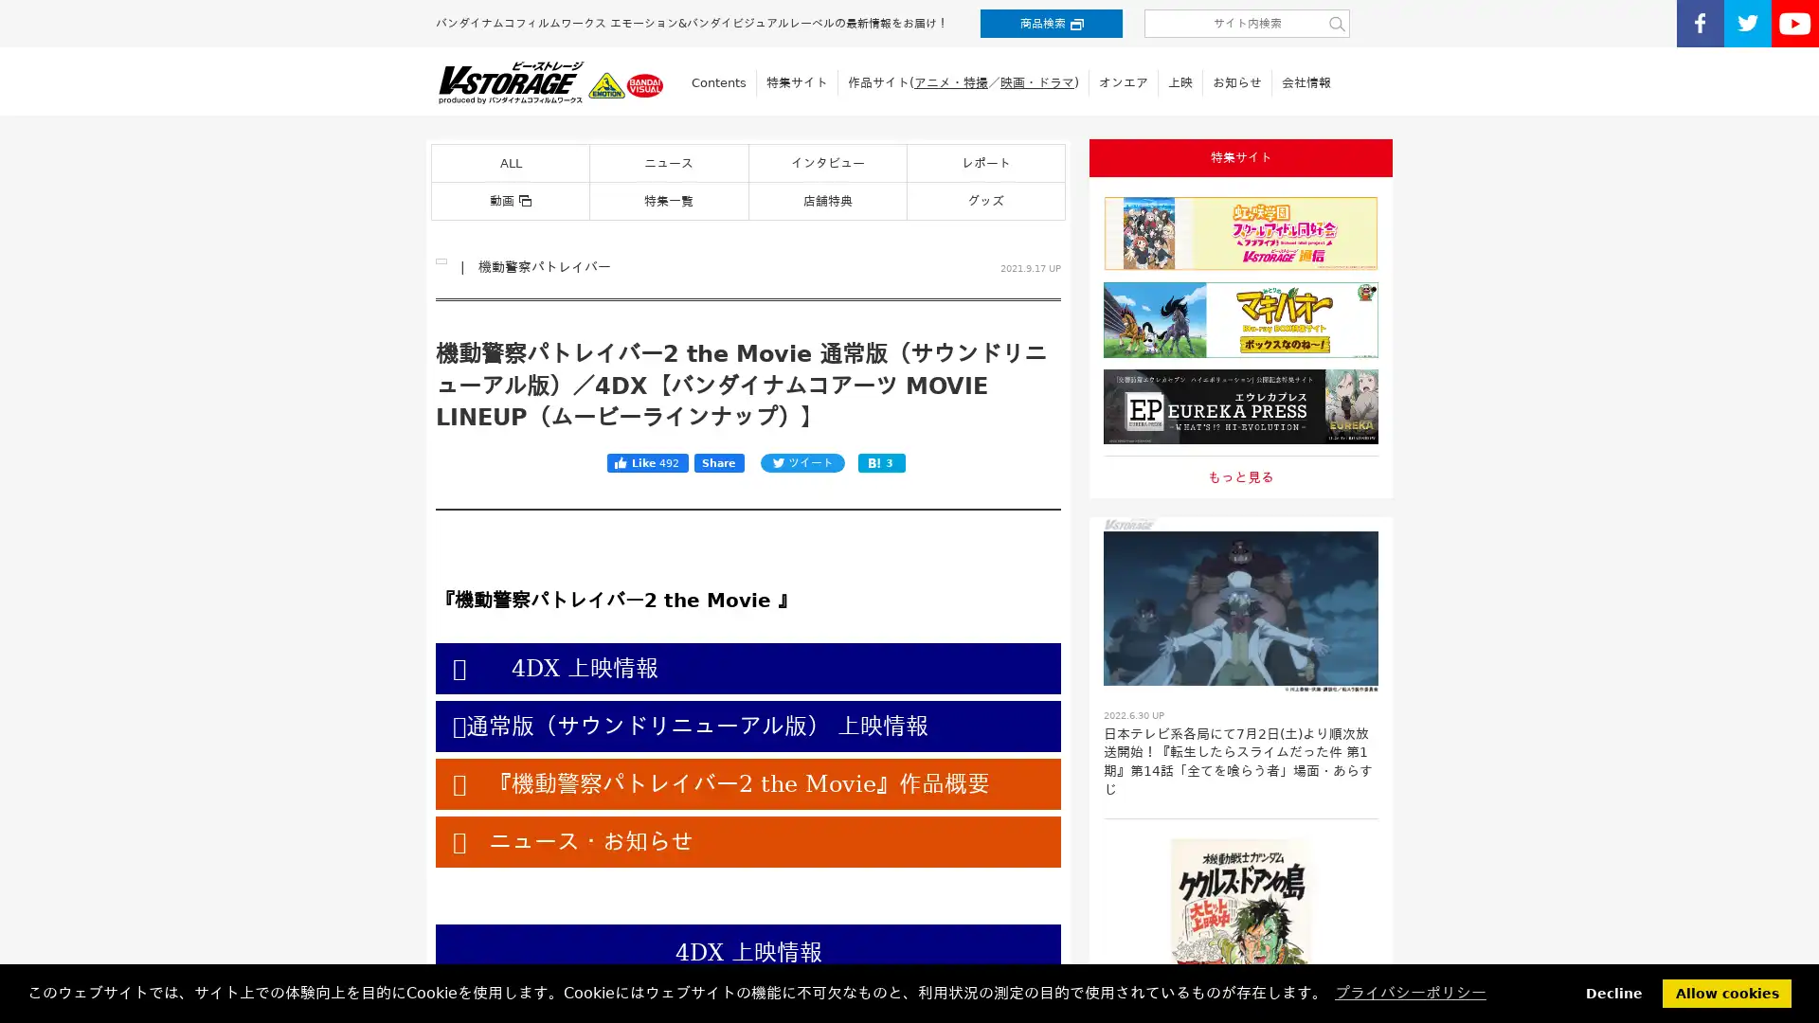 The width and height of the screenshot is (1819, 1023). Describe the element at coordinates (1410, 992) in the screenshot. I see `learn more about cookies` at that location.